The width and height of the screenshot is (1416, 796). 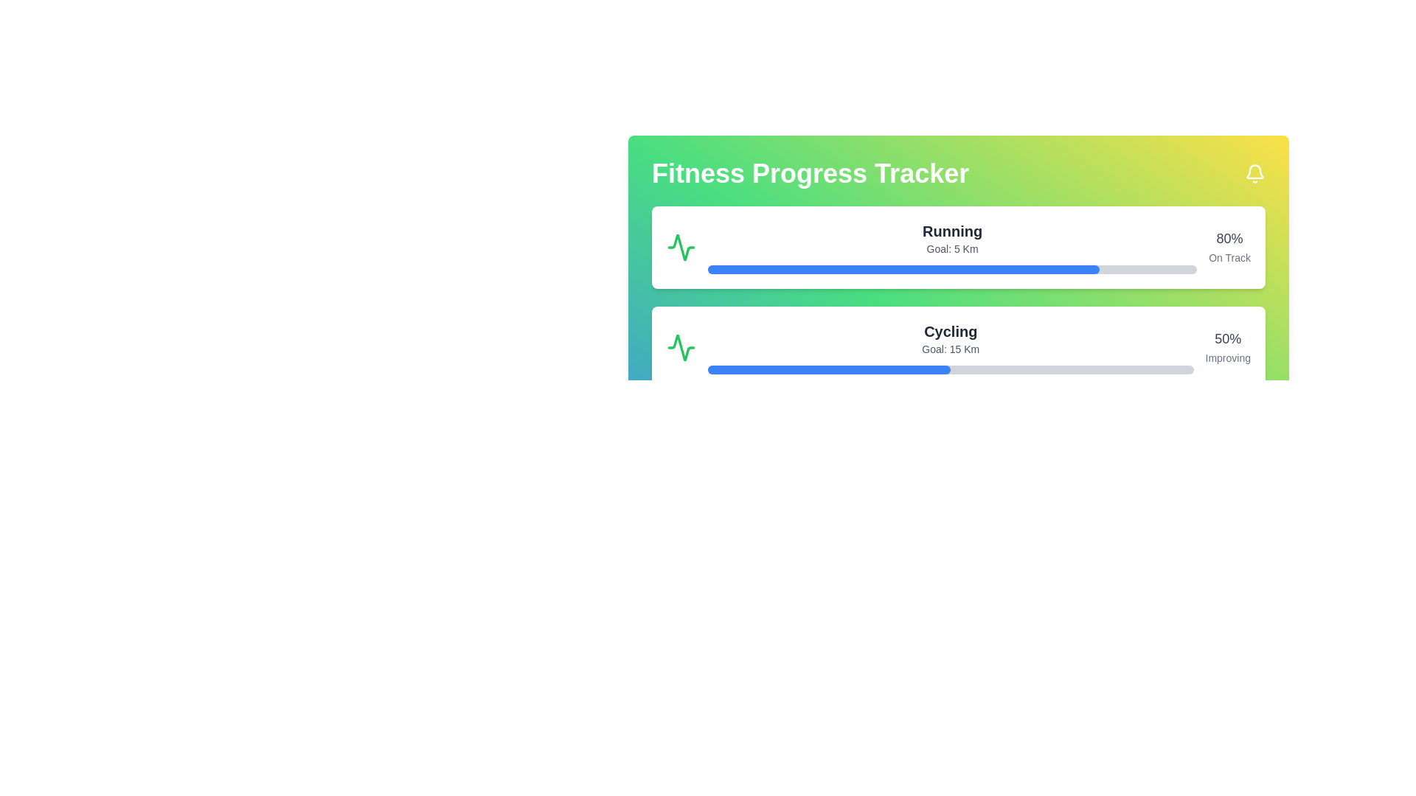 What do you see at coordinates (951, 349) in the screenshot?
I see `displayed text of the Text Label that shows 'Goal: 15 Km', which is styled in small gray text and positioned below the 'Cycling' heading` at bounding box center [951, 349].